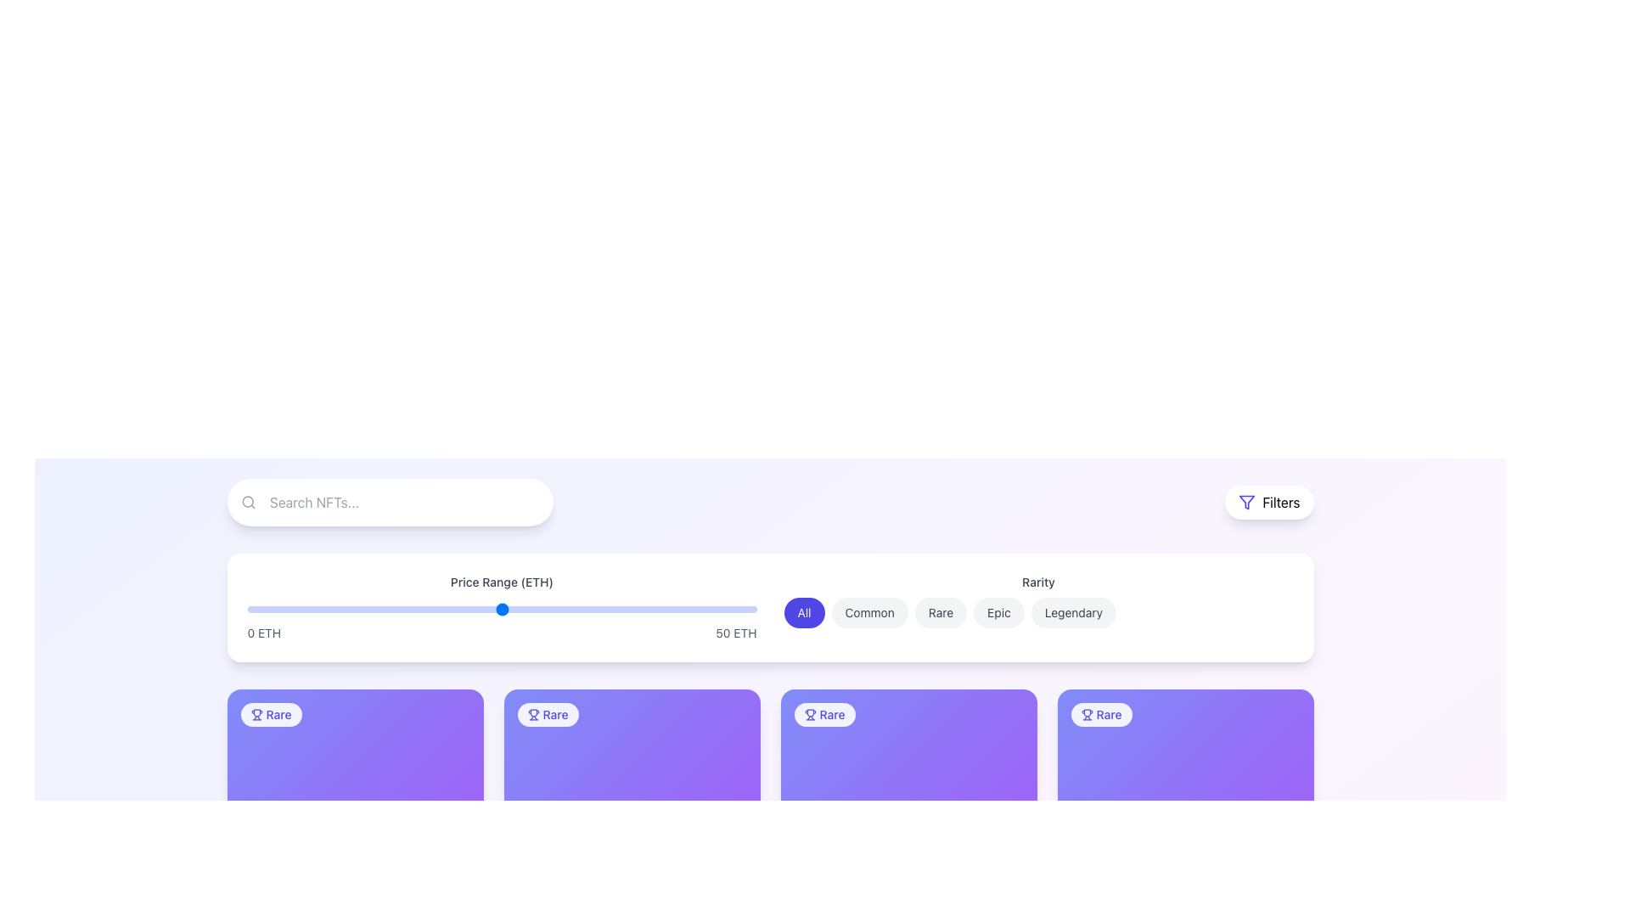 This screenshot has width=1630, height=917. What do you see at coordinates (1087, 714) in the screenshot?
I see `the badge containing the 'Rare' icon` at bounding box center [1087, 714].